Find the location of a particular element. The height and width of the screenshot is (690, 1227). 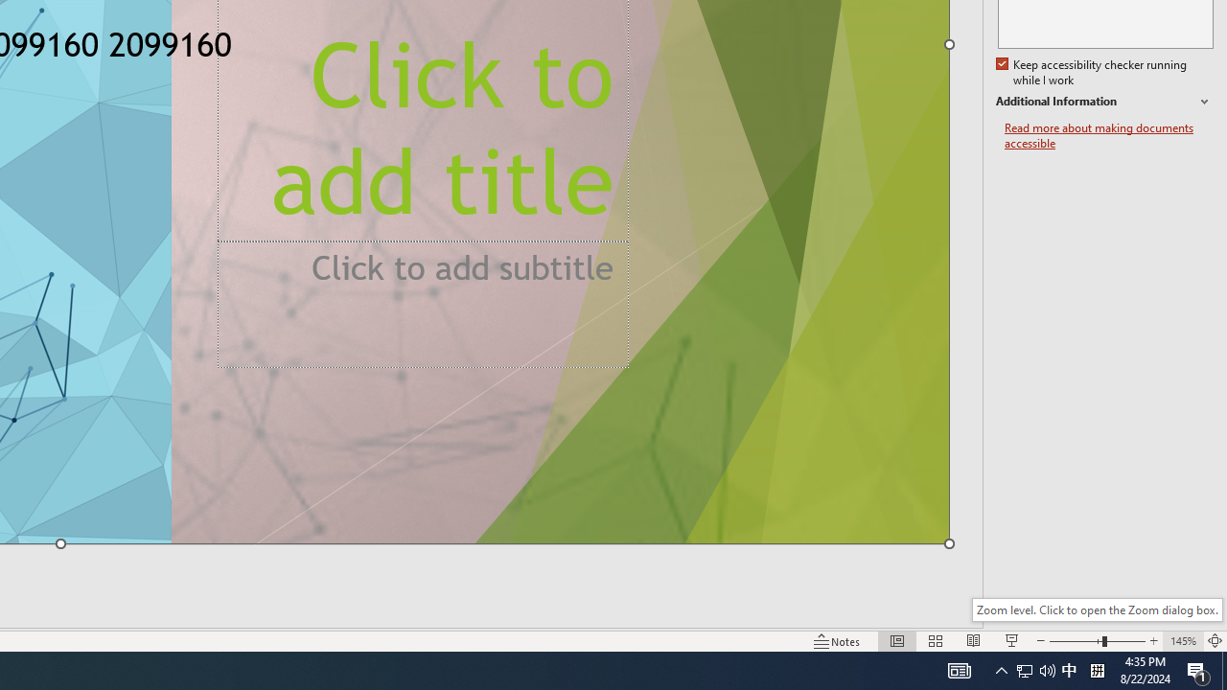

'Additional Information' is located at coordinates (1104, 102).